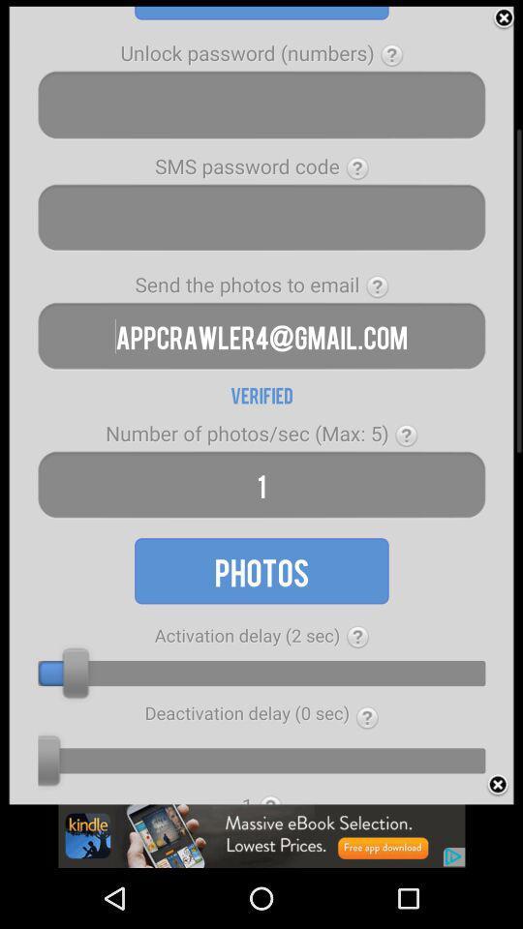  I want to click on the box below unlock password numbers, so click(261, 105).